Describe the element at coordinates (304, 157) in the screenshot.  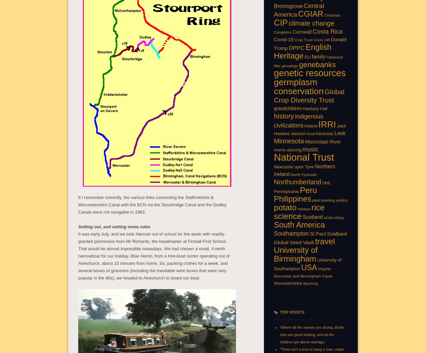
I see `'National Trust'` at that location.